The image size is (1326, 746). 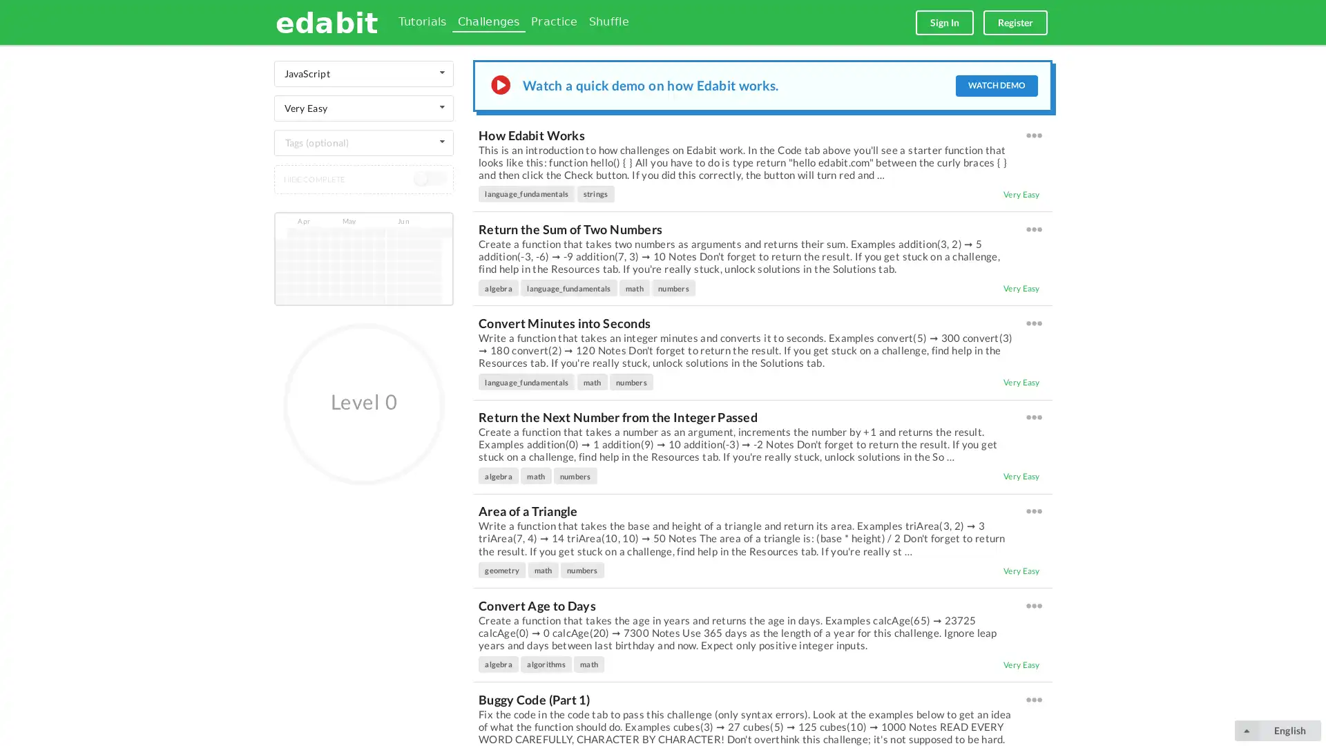 I want to click on Register, so click(x=1015, y=21).